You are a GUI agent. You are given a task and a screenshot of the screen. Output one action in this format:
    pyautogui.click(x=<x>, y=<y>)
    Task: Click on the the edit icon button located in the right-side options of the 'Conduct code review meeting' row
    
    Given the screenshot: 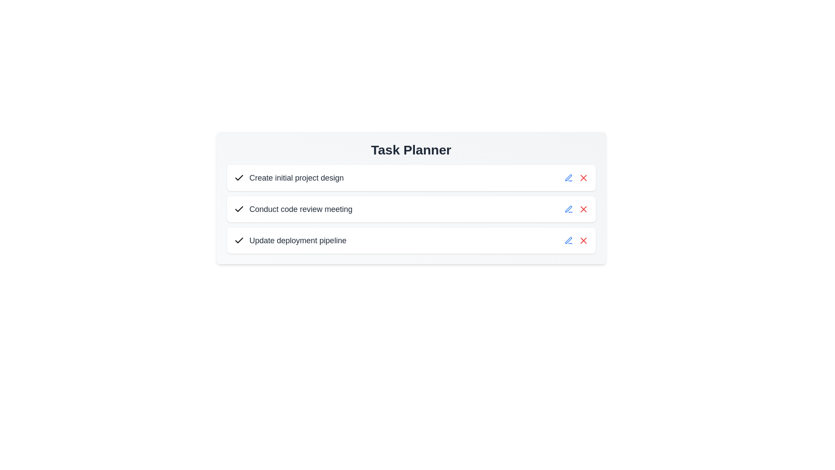 What is the action you would take?
    pyautogui.click(x=568, y=209)
    